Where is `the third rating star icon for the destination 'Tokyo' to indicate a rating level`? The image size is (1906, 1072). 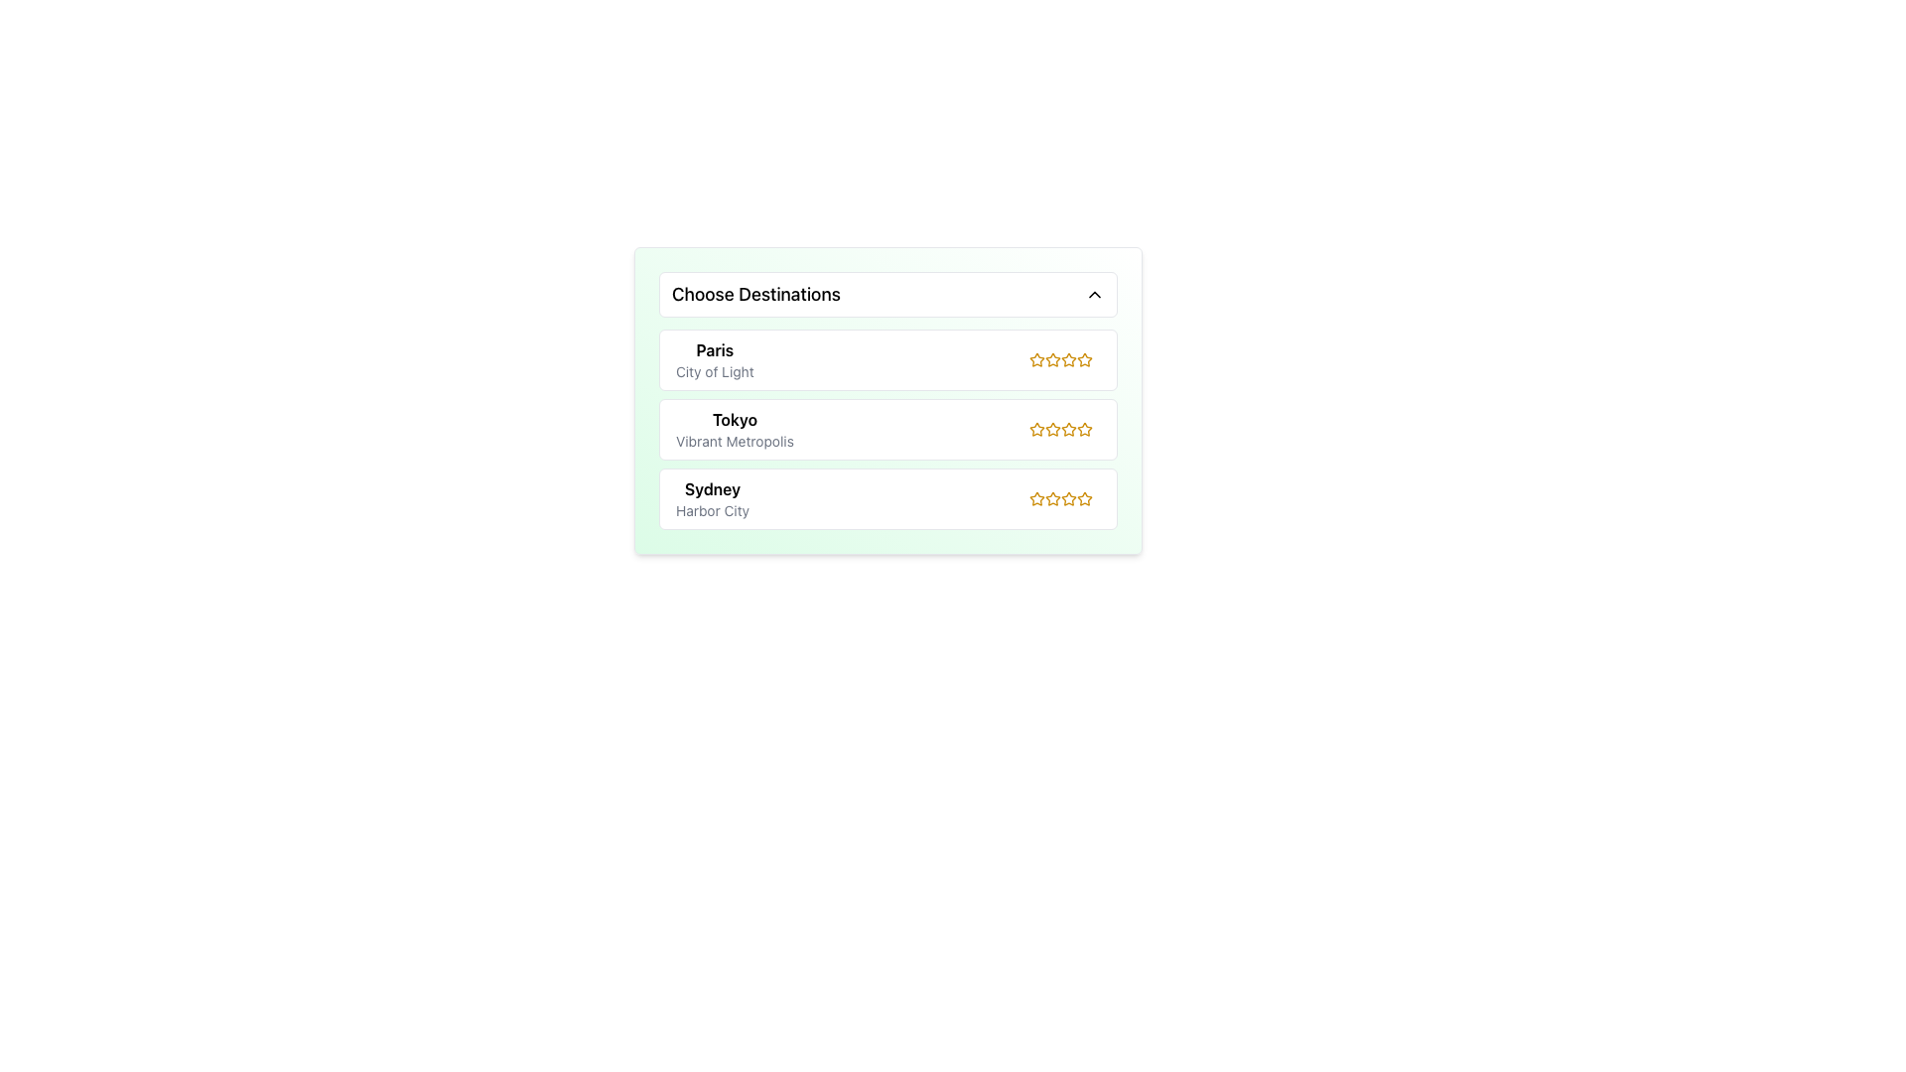 the third rating star icon for the destination 'Tokyo' to indicate a rating level is located at coordinates (1084, 428).